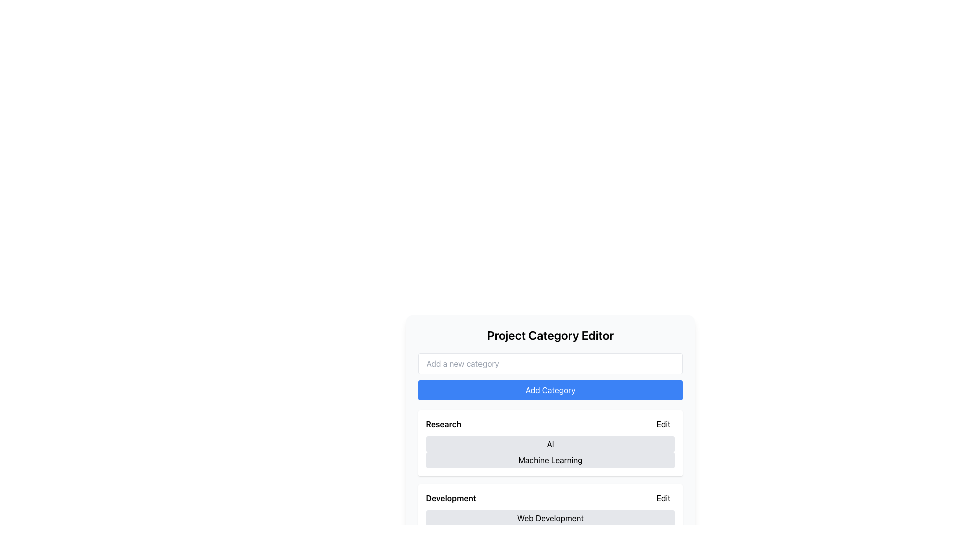 The height and width of the screenshot is (540, 961). What do you see at coordinates (550, 460) in the screenshot?
I see `the non-interactive text label emphasizing 'Machine Learning' under the 'Research' category, located below the 'AI' sibling label` at bounding box center [550, 460].